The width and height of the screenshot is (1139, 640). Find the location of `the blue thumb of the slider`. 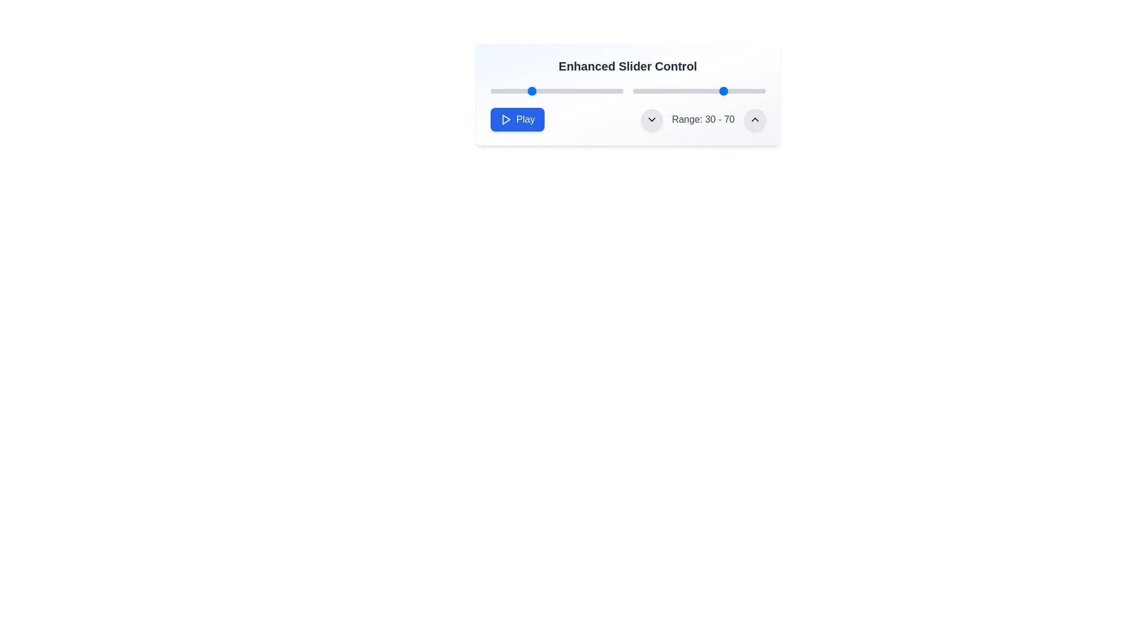

the blue thumb of the slider is located at coordinates (556, 91).